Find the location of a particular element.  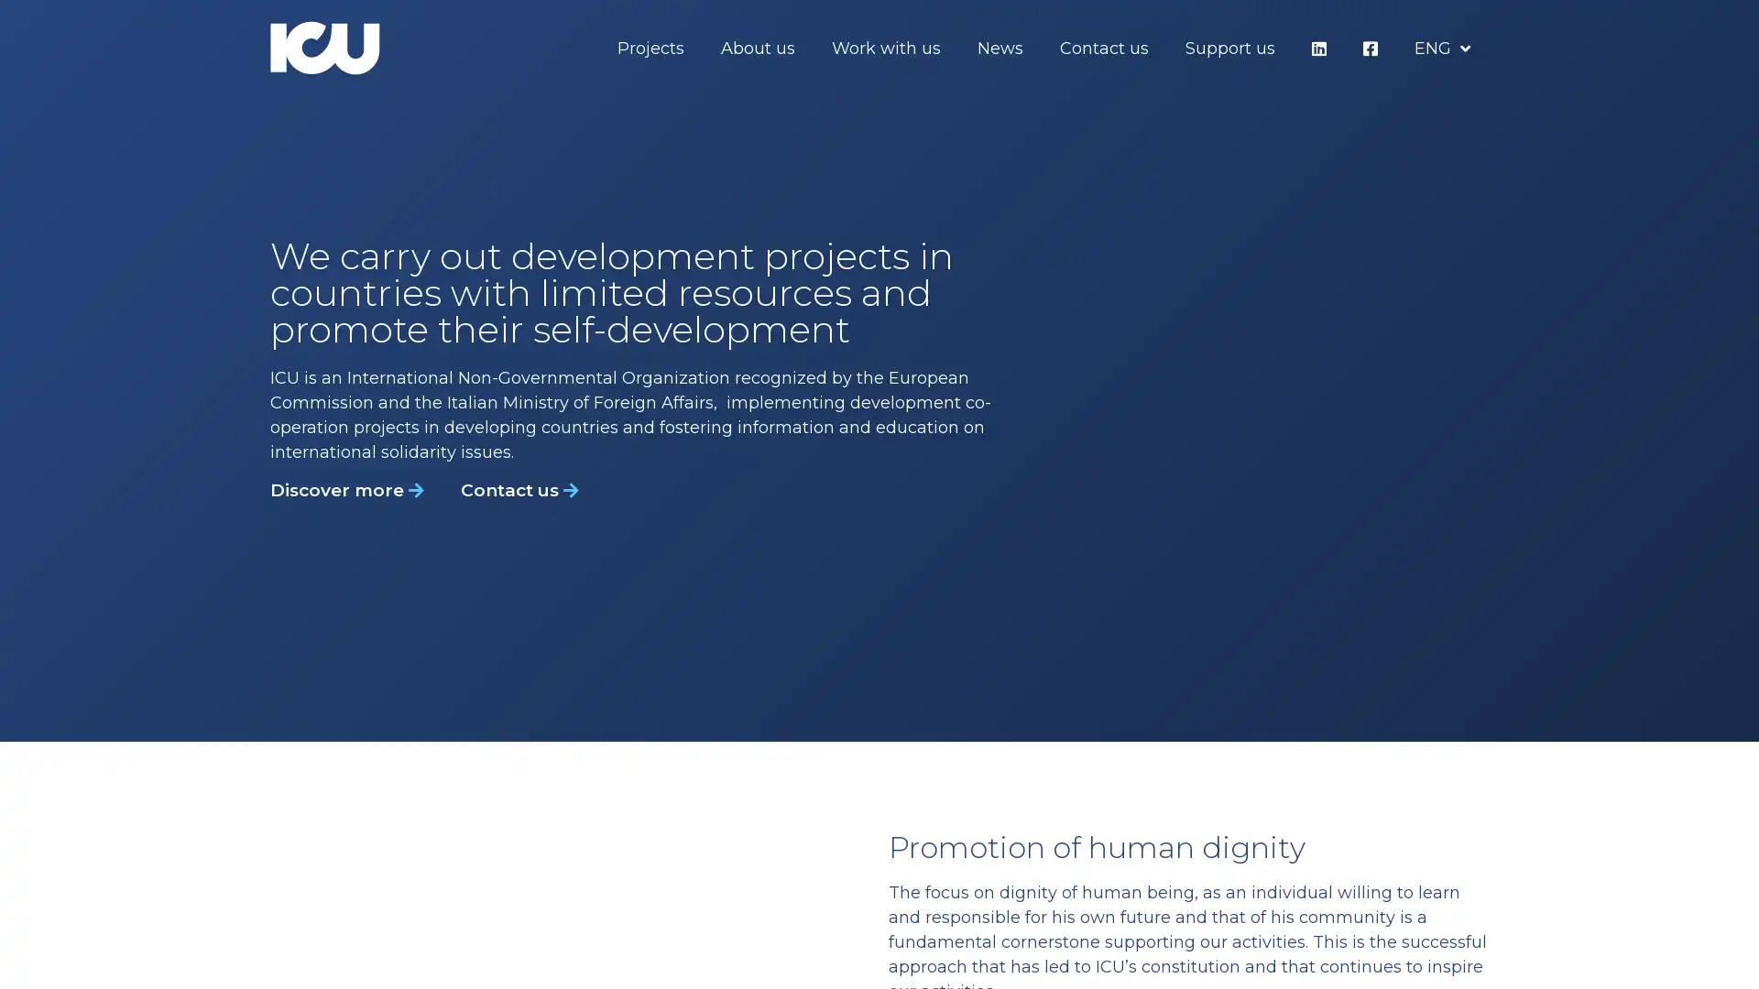

Contact us is located at coordinates (519, 489).